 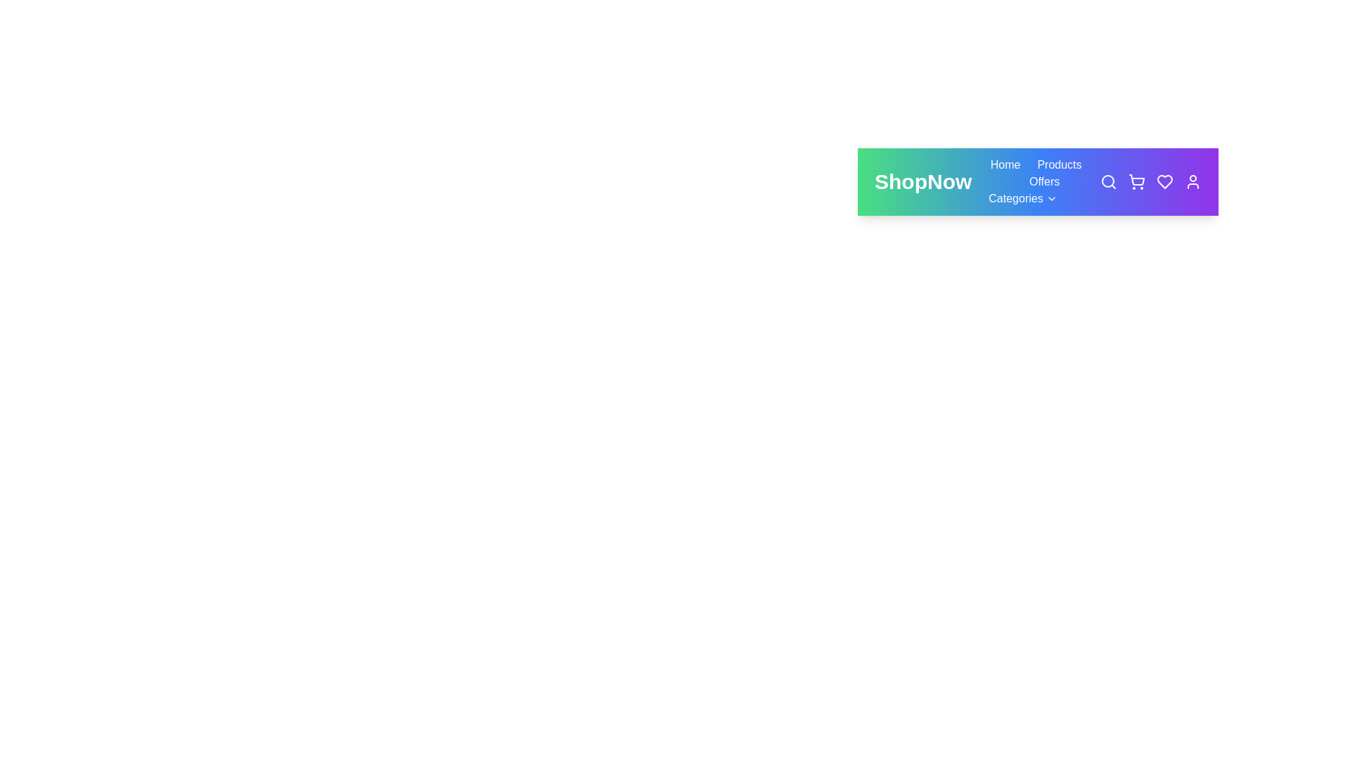 I want to click on the Offers navigation button to navigate to the respective section, so click(x=1045, y=181).